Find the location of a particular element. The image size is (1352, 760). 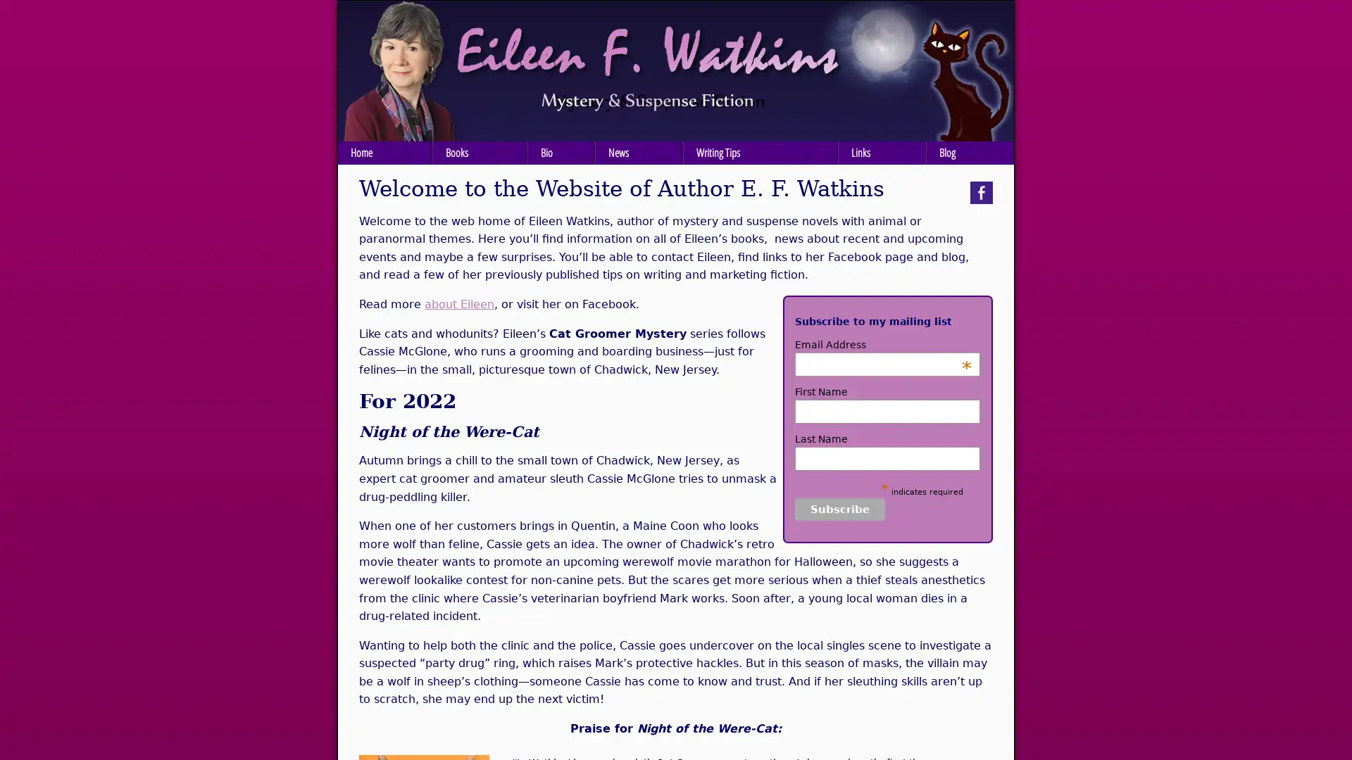

Subscribe is located at coordinates (840, 508).